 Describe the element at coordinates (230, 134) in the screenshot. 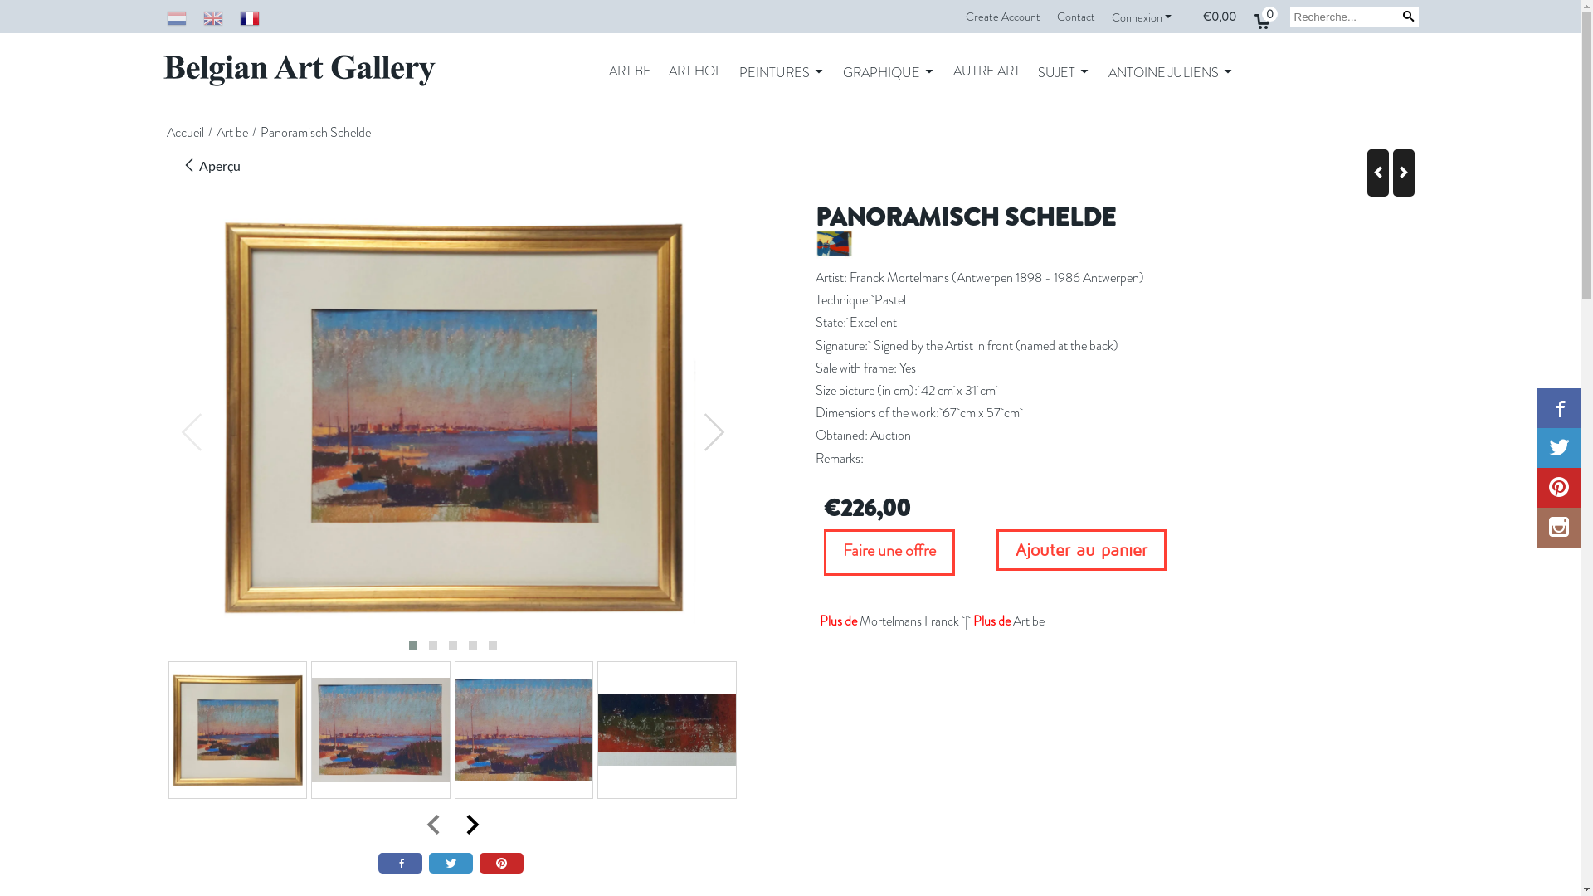

I see `'Art be'` at that location.